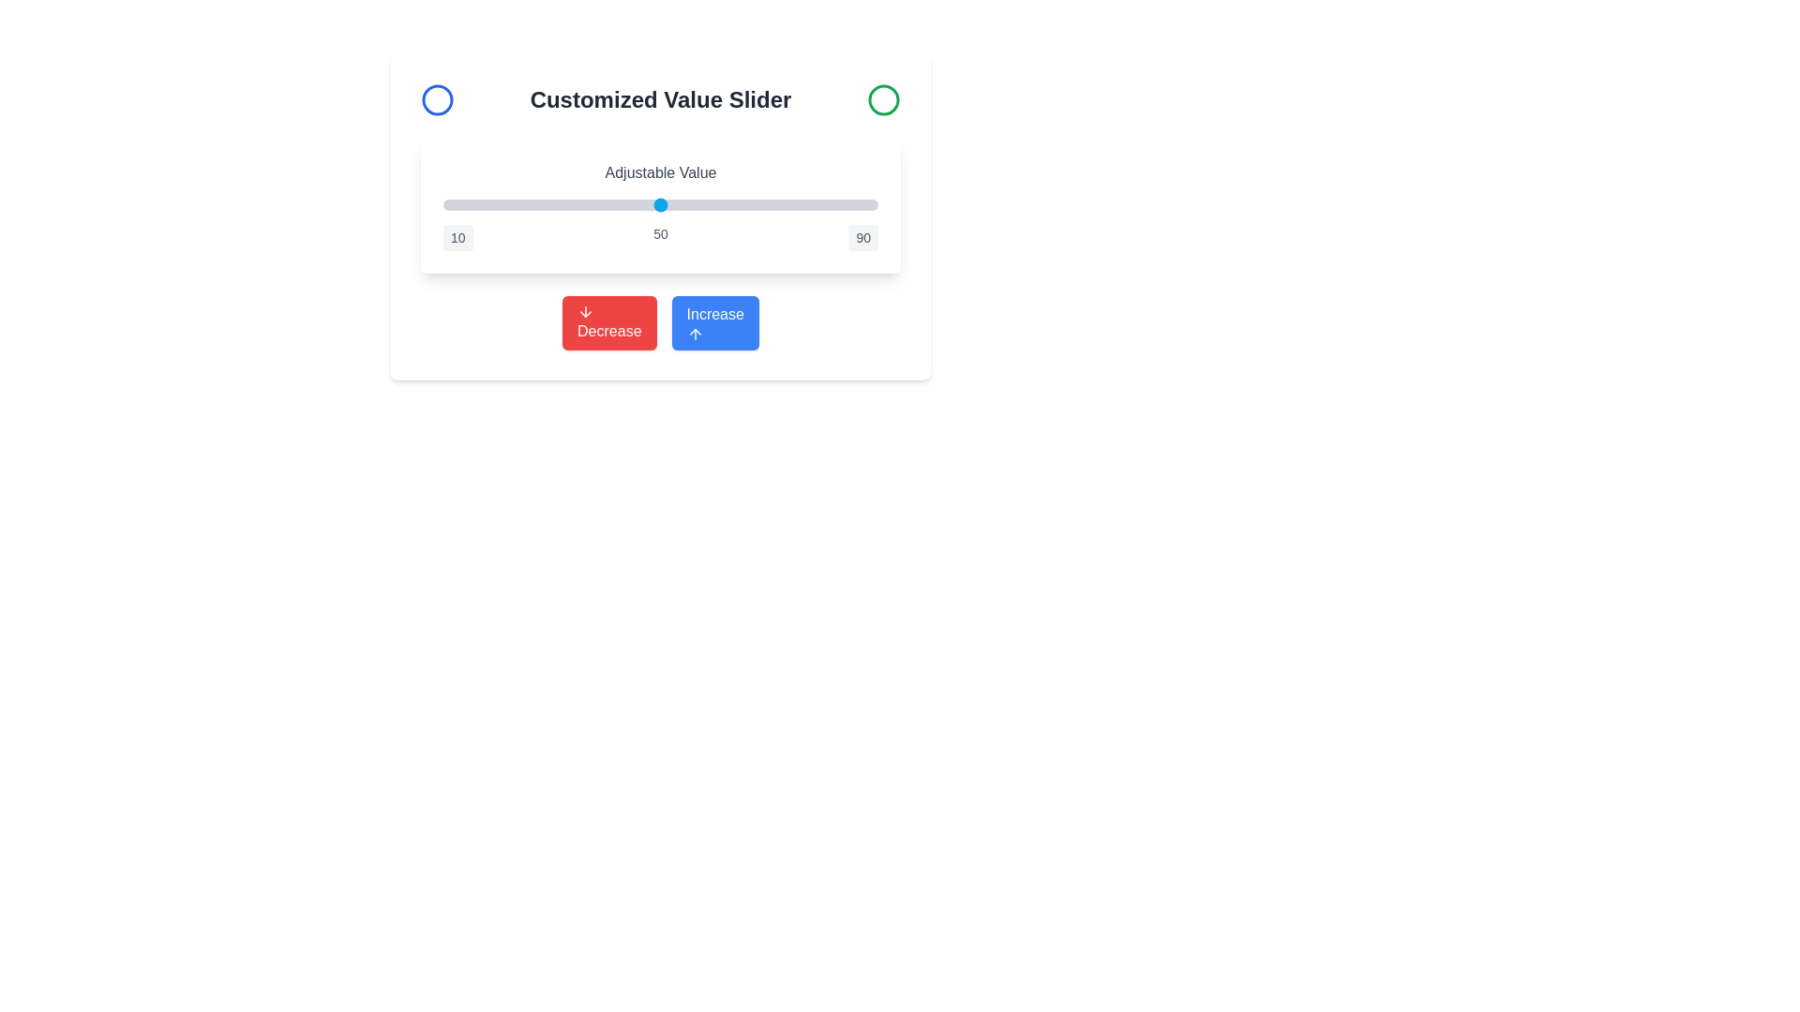 This screenshot has width=1800, height=1012. I want to click on the slider's value, so click(719, 205).